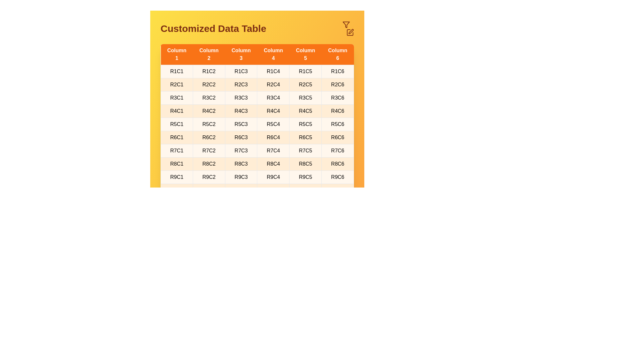 The width and height of the screenshot is (619, 348). What do you see at coordinates (349, 32) in the screenshot?
I see `the edit icon in the header of the table` at bounding box center [349, 32].